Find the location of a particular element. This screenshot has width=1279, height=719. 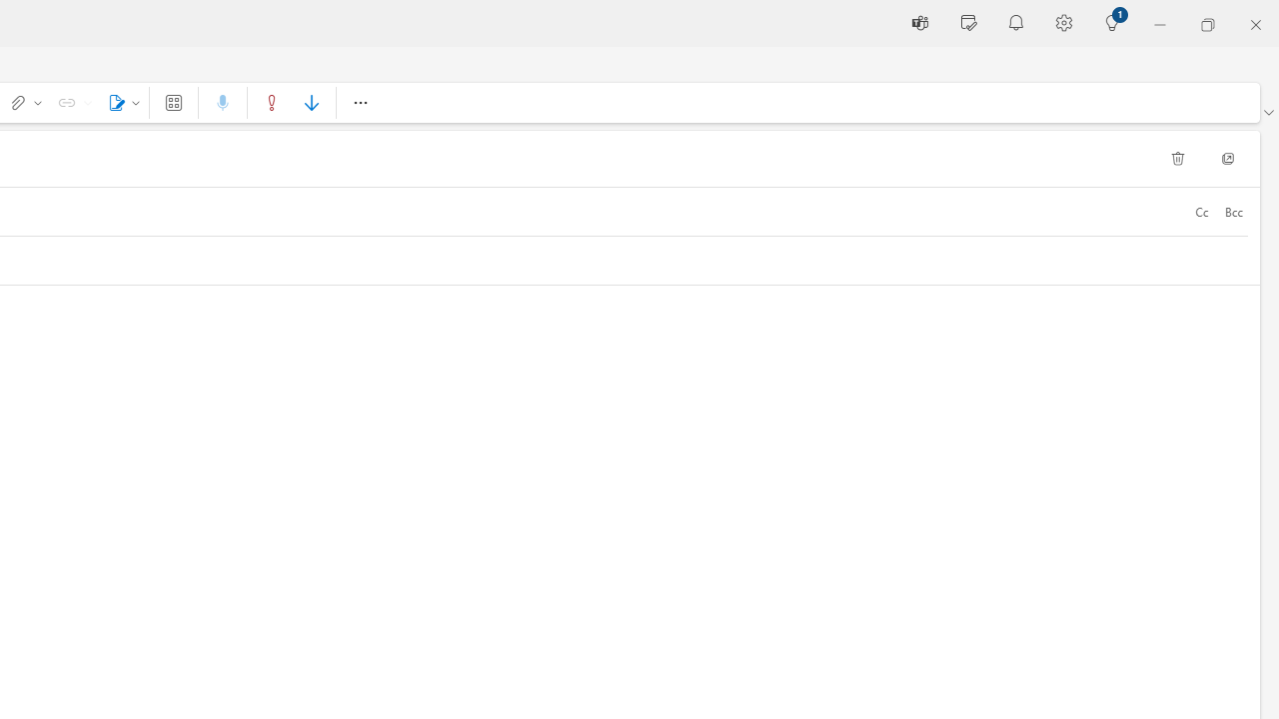

'Low importance' is located at coordinates (310, 102).